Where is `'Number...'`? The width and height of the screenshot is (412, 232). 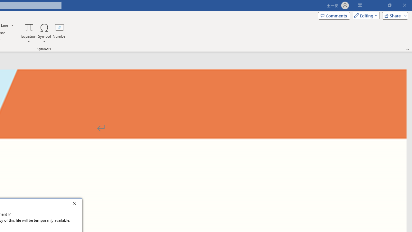 'Number...' is located at coordinates (60, 33).